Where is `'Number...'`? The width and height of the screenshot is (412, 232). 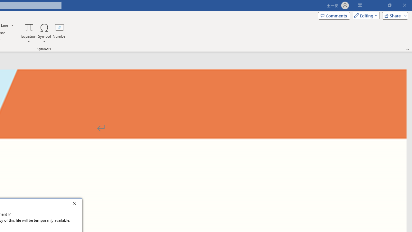 'Number...' is located at coordinates (60, 33).